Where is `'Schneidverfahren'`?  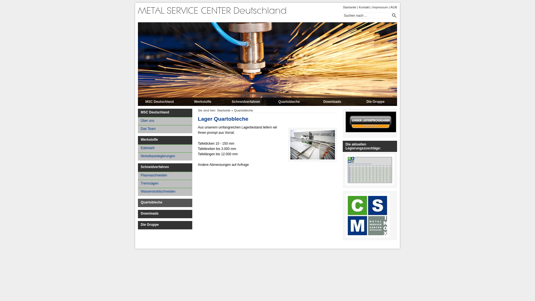 'Schneidverfahren' is located at coordinates (245, 102).